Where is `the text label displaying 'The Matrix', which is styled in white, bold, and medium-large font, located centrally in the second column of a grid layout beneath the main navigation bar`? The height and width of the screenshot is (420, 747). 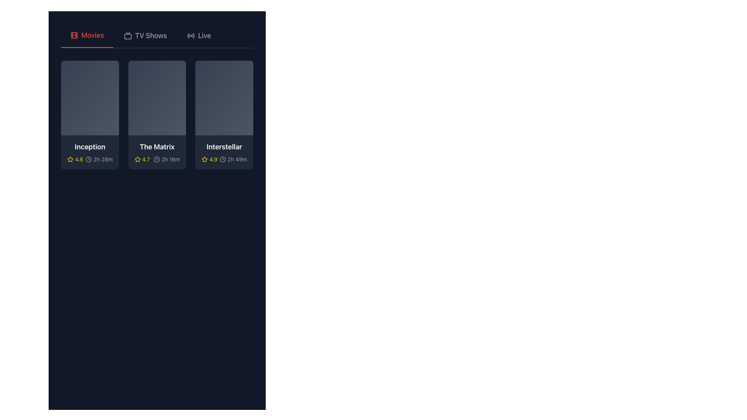 the text label displaying 'The Matrix', which is styled in white, bold, and medium-large font, located centrally in the second column of a grid layout beneath the main navigation bar is located at coordinates (156, 147).